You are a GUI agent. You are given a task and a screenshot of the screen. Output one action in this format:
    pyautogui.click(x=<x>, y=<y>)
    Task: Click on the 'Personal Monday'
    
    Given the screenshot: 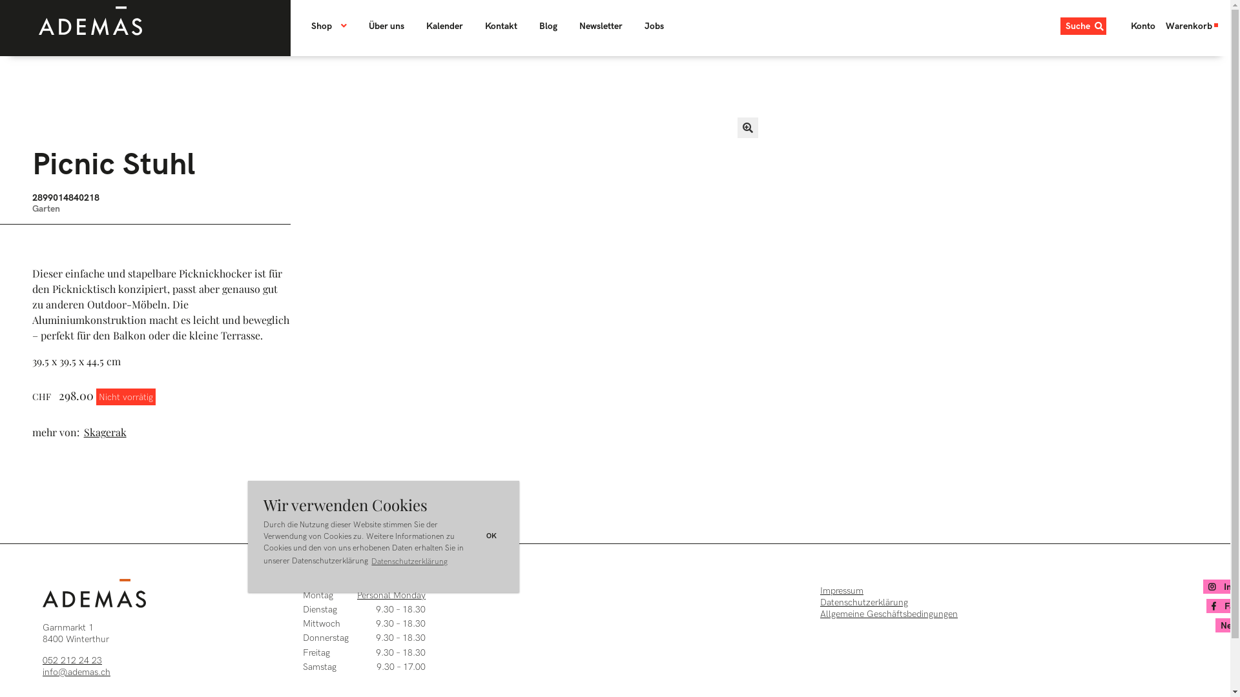 What is the action you would take?
    pyautogui.click(x=356, y=595)
    